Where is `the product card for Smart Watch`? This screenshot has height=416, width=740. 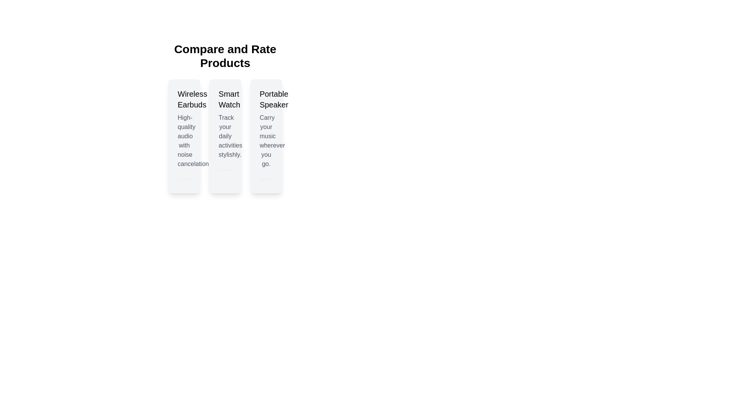 the product card for Smart Watch is located at coordinates (225, 136).